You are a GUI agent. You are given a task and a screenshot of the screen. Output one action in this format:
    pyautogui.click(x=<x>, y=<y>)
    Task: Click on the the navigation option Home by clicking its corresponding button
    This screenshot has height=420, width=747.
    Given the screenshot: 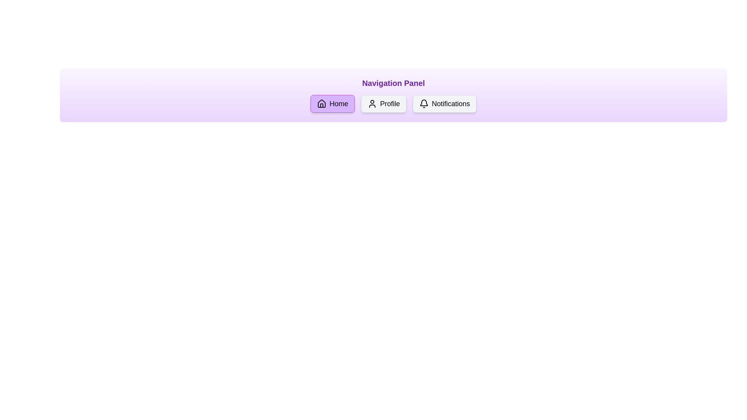 What is the action you would take?
    pyautogui.click(x=332, y=103)
    